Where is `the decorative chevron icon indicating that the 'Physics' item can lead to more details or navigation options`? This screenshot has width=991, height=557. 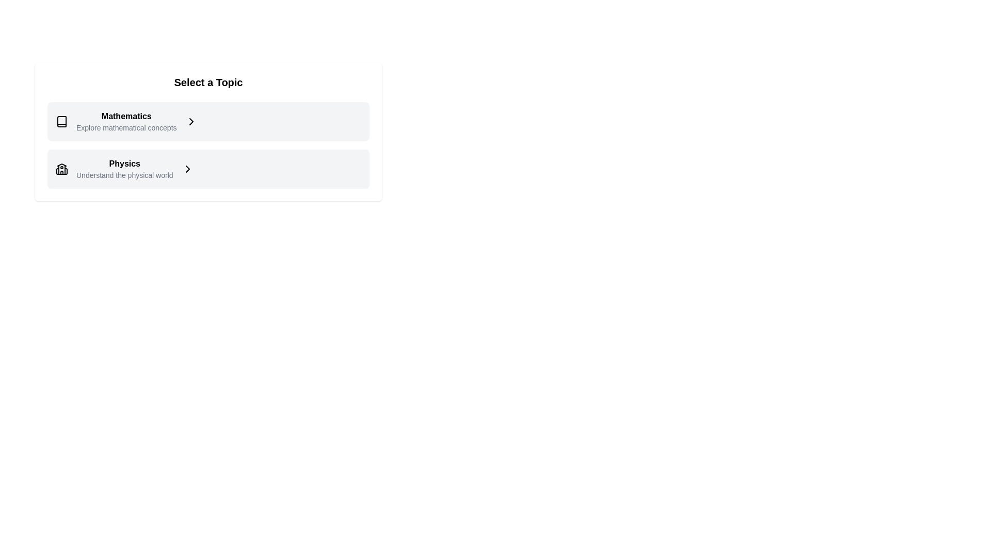
the decorative chevron icon indicating that the 'Physics' item can lead to more details or navigation options is located at coordinates (187, 168).